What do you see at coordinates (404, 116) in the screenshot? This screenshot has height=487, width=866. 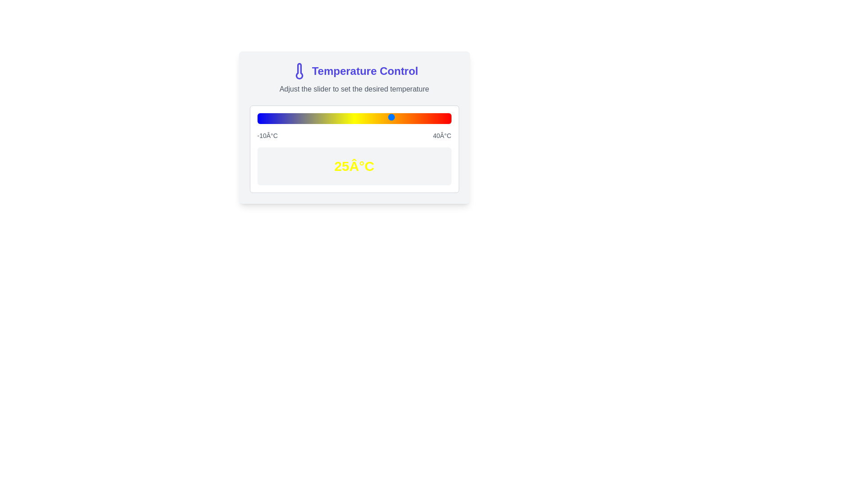 I see `the temperature slider to set the temperature to 28°C` at bounding box center [404, 116].